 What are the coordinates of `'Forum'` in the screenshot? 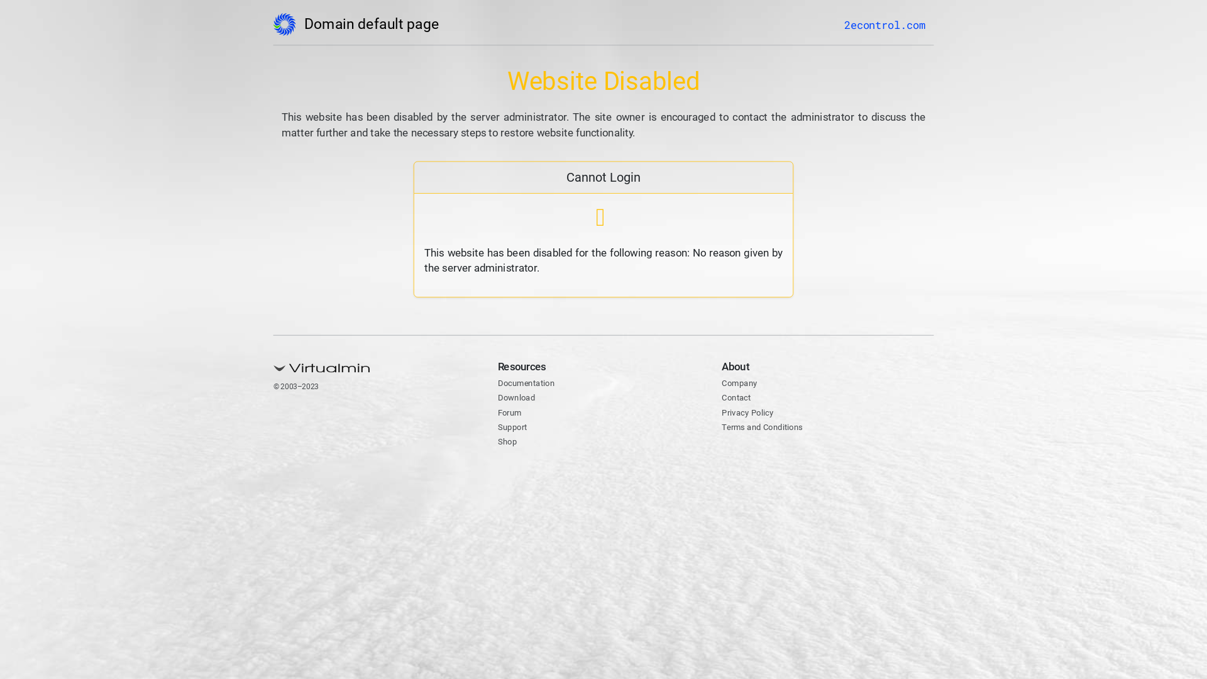 It's located at (512, 413).